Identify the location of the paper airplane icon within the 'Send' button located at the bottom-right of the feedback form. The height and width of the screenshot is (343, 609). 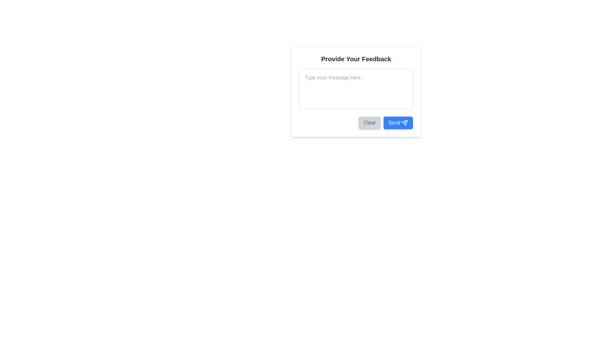
(404, 123).